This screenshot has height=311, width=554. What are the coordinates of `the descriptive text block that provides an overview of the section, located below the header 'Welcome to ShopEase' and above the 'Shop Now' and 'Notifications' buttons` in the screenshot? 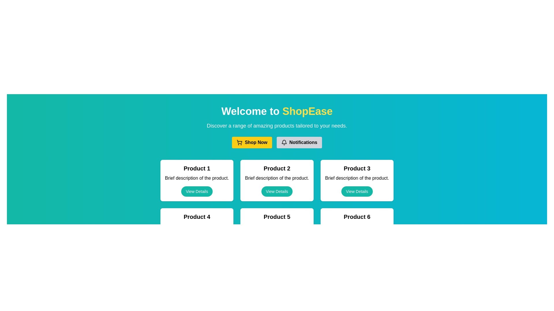 It's located at (277, 125).